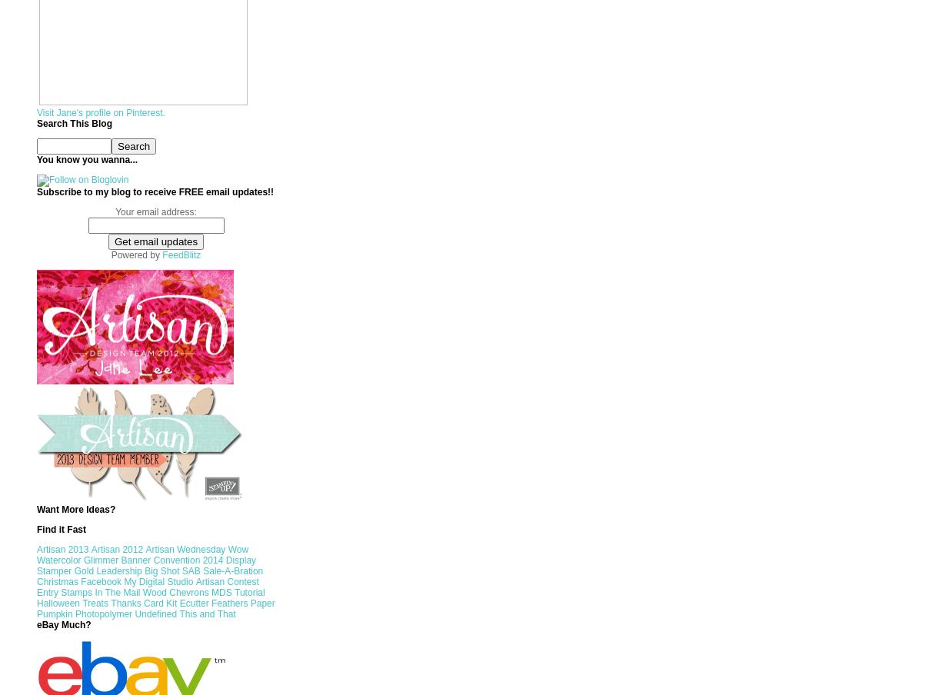 The width and height of the screenshot is (929, 695). Describe the element at coordinates (99, 559) in the screenshot. I see `'Glimmer'` at that location.